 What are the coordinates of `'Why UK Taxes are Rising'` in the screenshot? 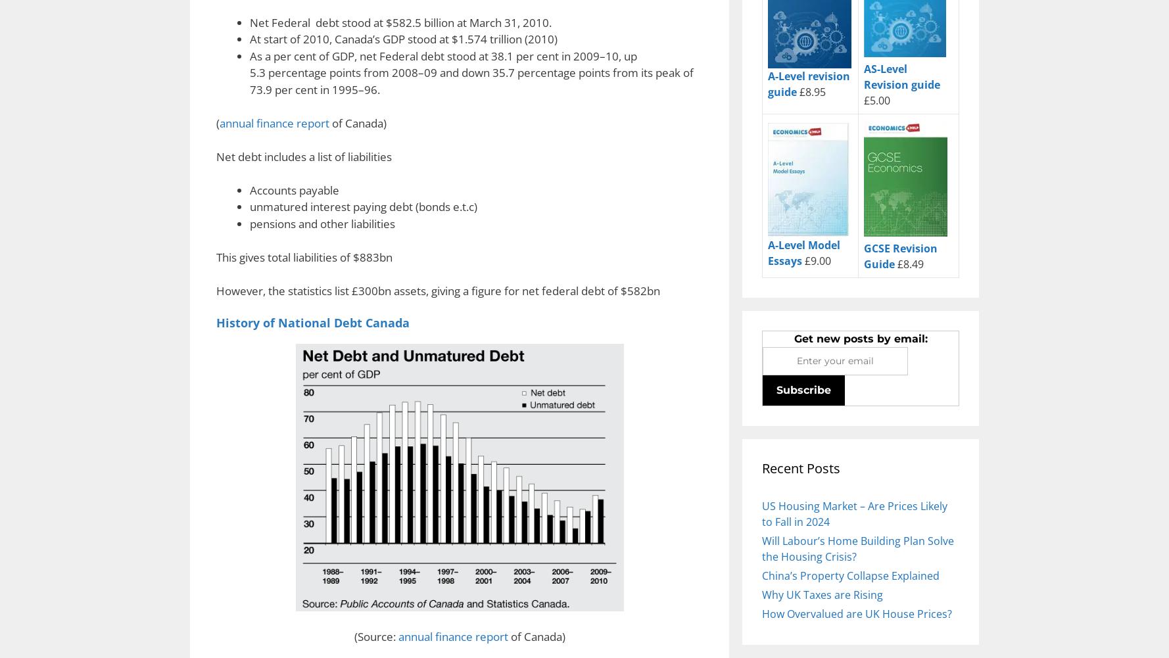 It's located at (822, 594).